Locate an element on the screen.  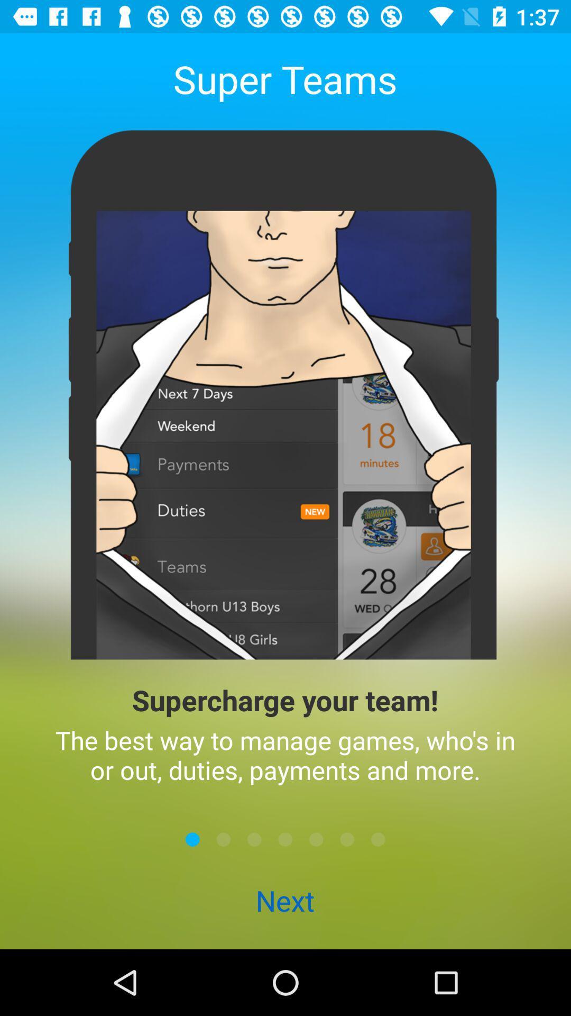
icon above the next icon is located at coordinates (223, 839).